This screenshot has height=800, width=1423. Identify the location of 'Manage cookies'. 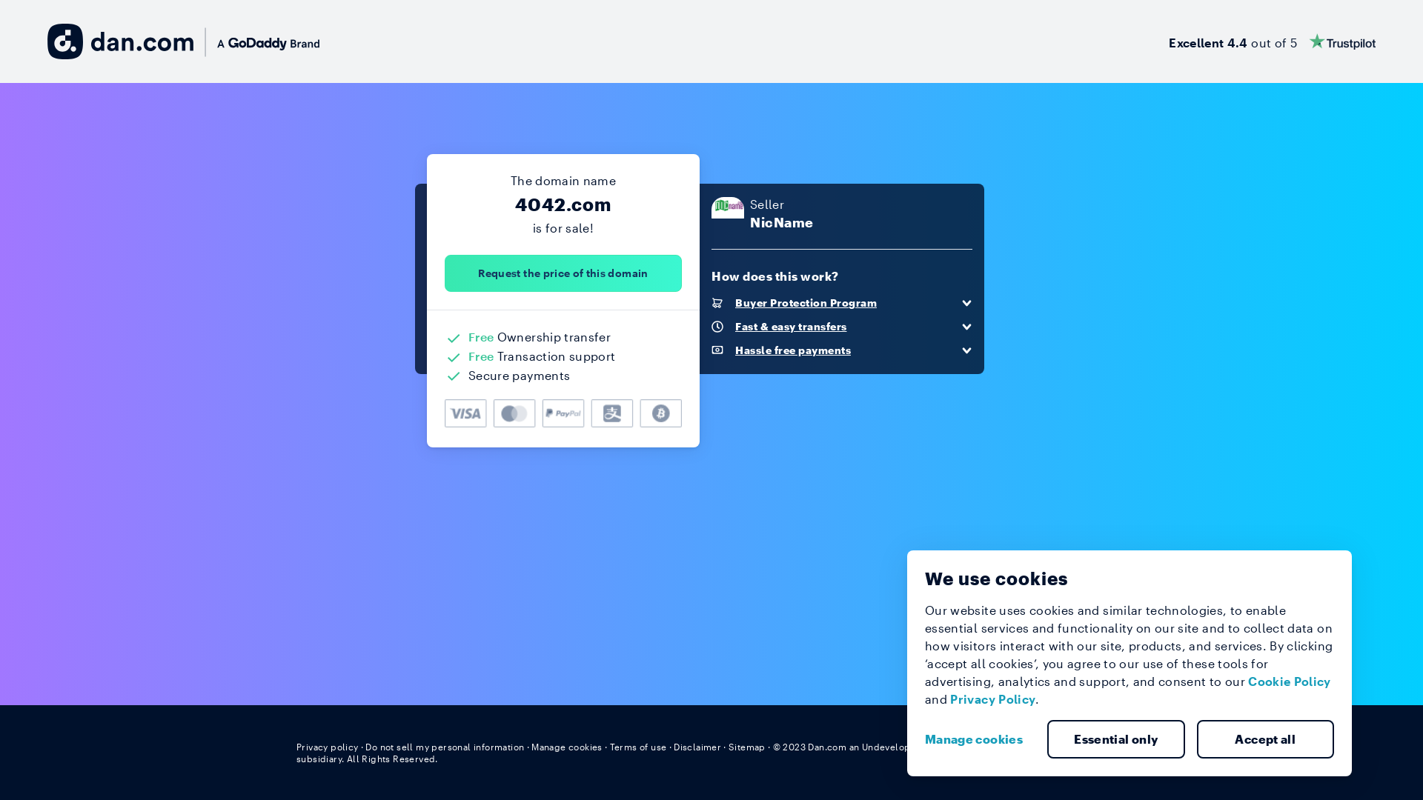
(531, 746).